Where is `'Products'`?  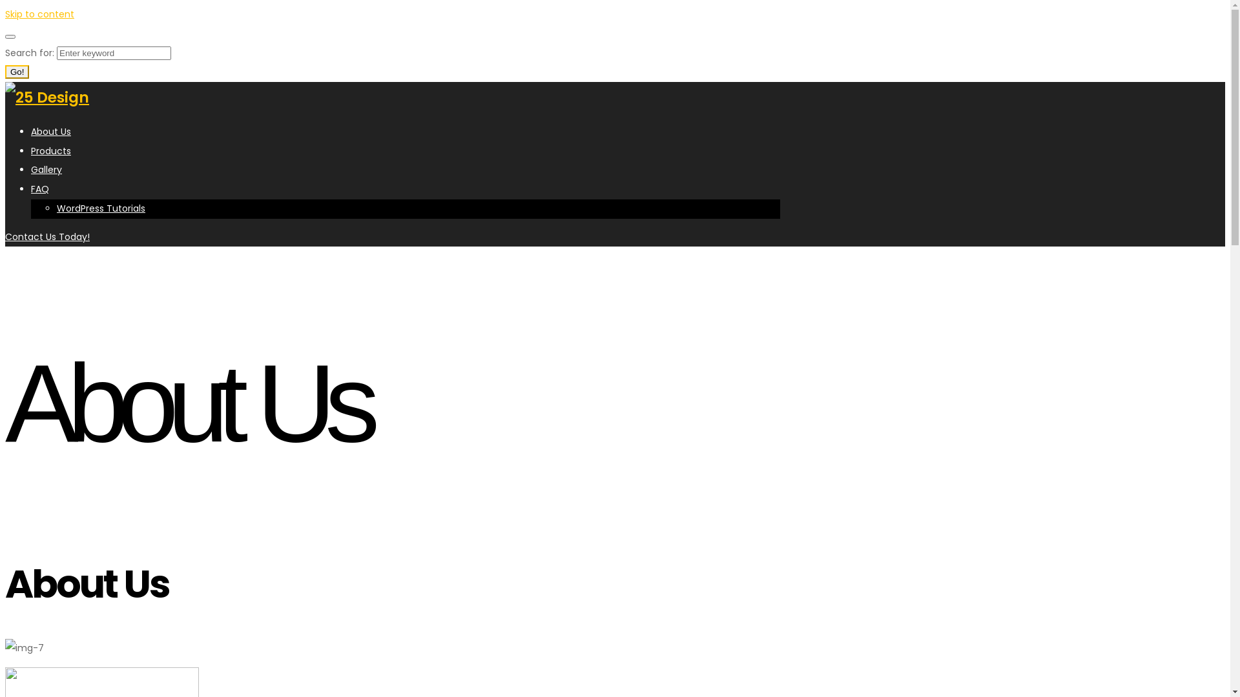
'Products' is located at coordinates (50, 150).